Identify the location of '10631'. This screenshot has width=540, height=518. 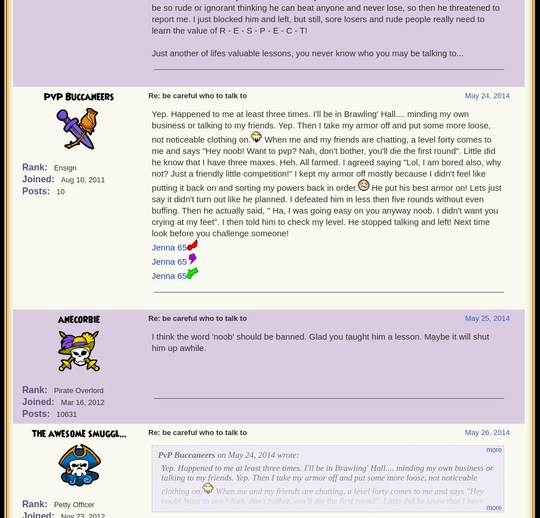
(67, 413).